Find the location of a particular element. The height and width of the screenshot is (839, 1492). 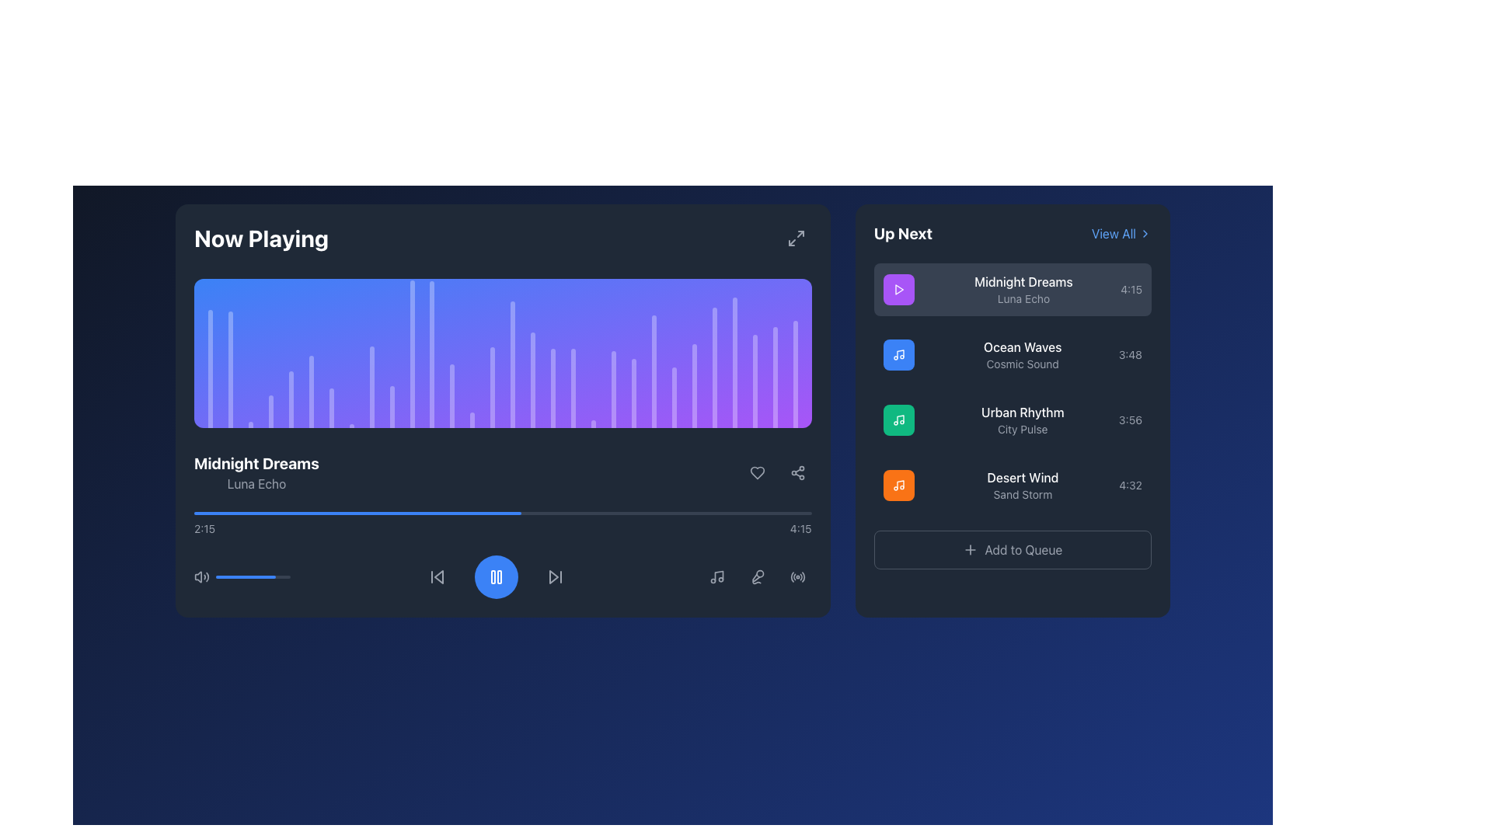

the circular gray button with a backward-facing arrow to skip to the previous track is located at coordinates (436, 577).